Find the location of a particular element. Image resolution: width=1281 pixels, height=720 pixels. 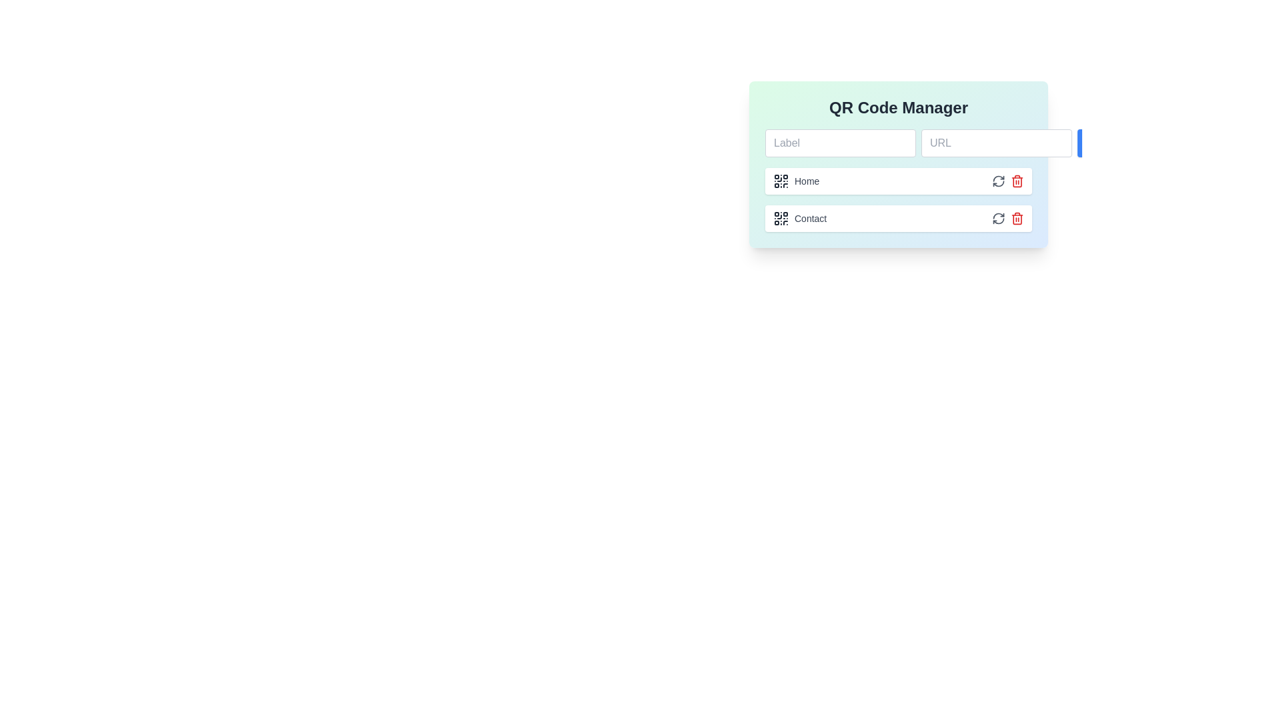

the trash bin icon button, which is red and positioned on the far right of the second row in the 'QR Code Manager' interface is located at coordinates (1017, 217).